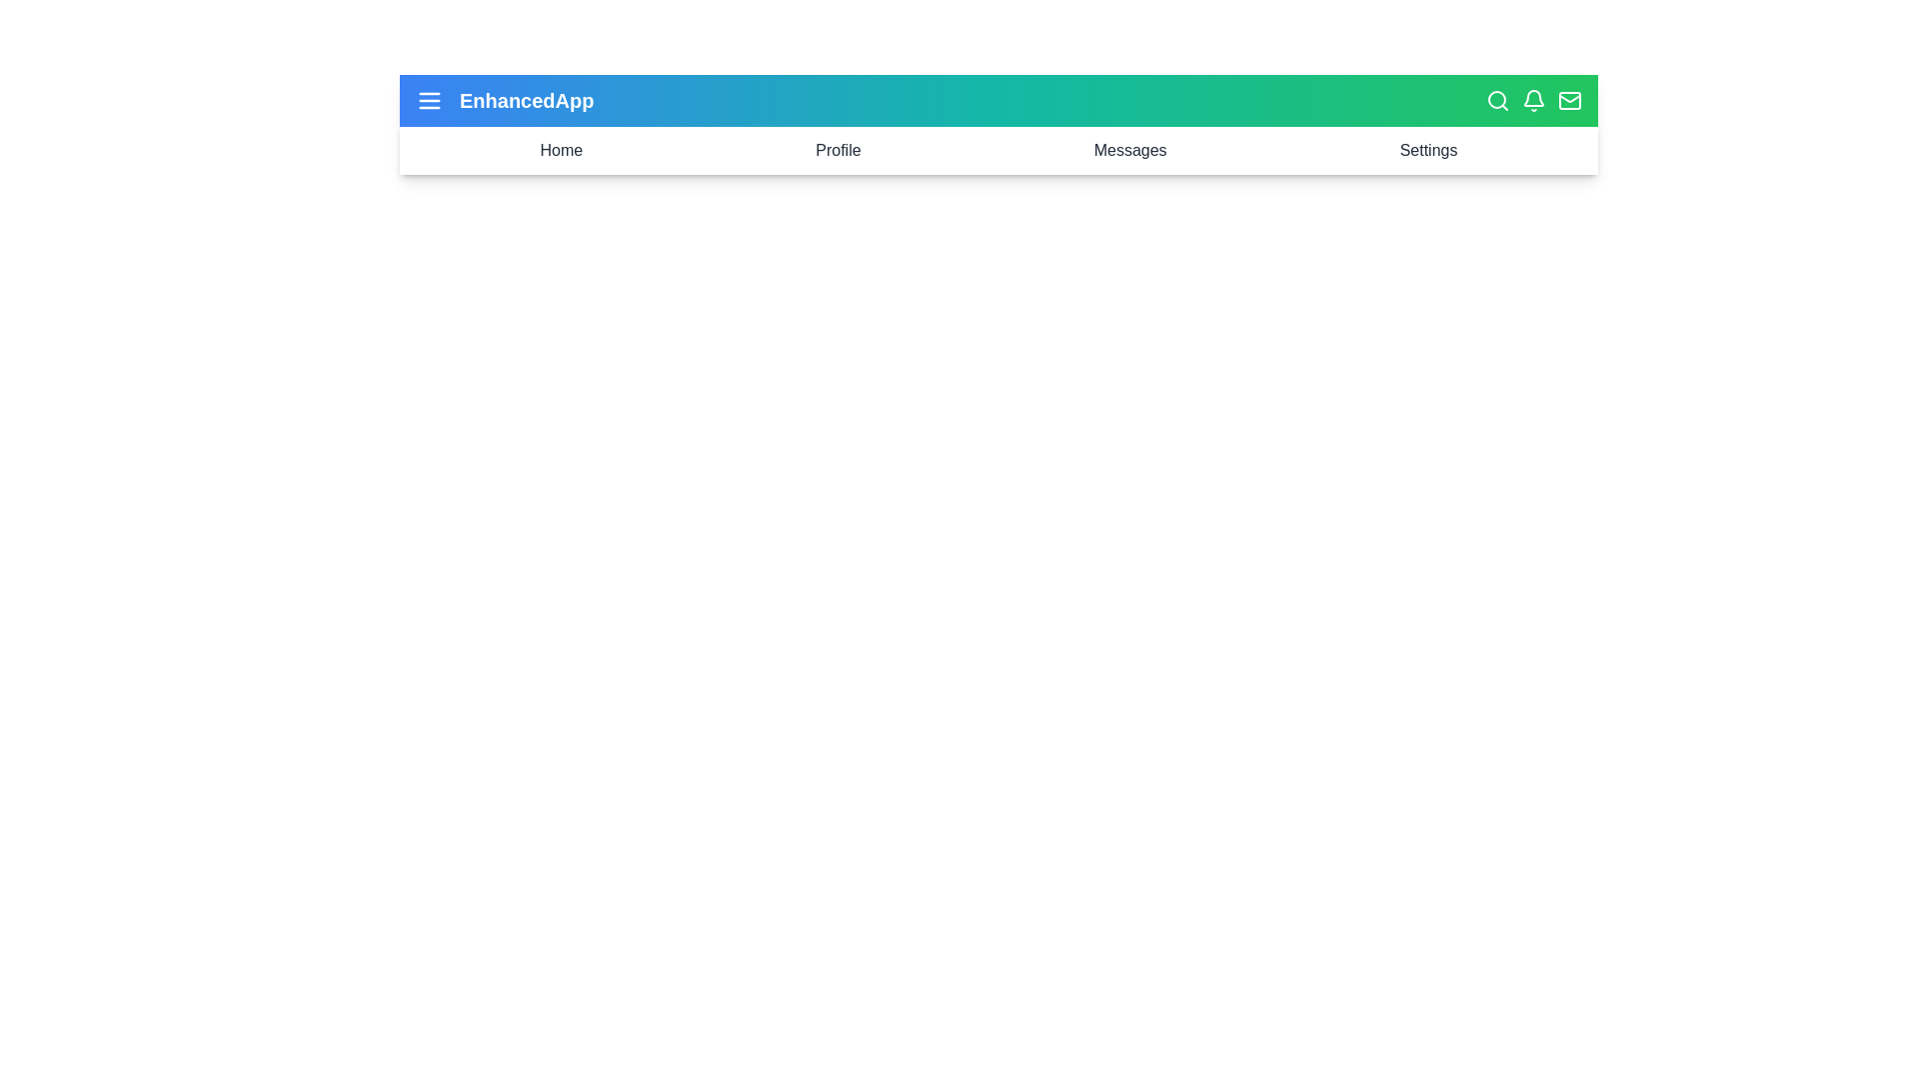 This screenshot has height=1079, width=1919. Describe the element at coordinates (1427, 149) in the screenshot. I see `the 'Settings' menu item in the navigation bar` at that location.